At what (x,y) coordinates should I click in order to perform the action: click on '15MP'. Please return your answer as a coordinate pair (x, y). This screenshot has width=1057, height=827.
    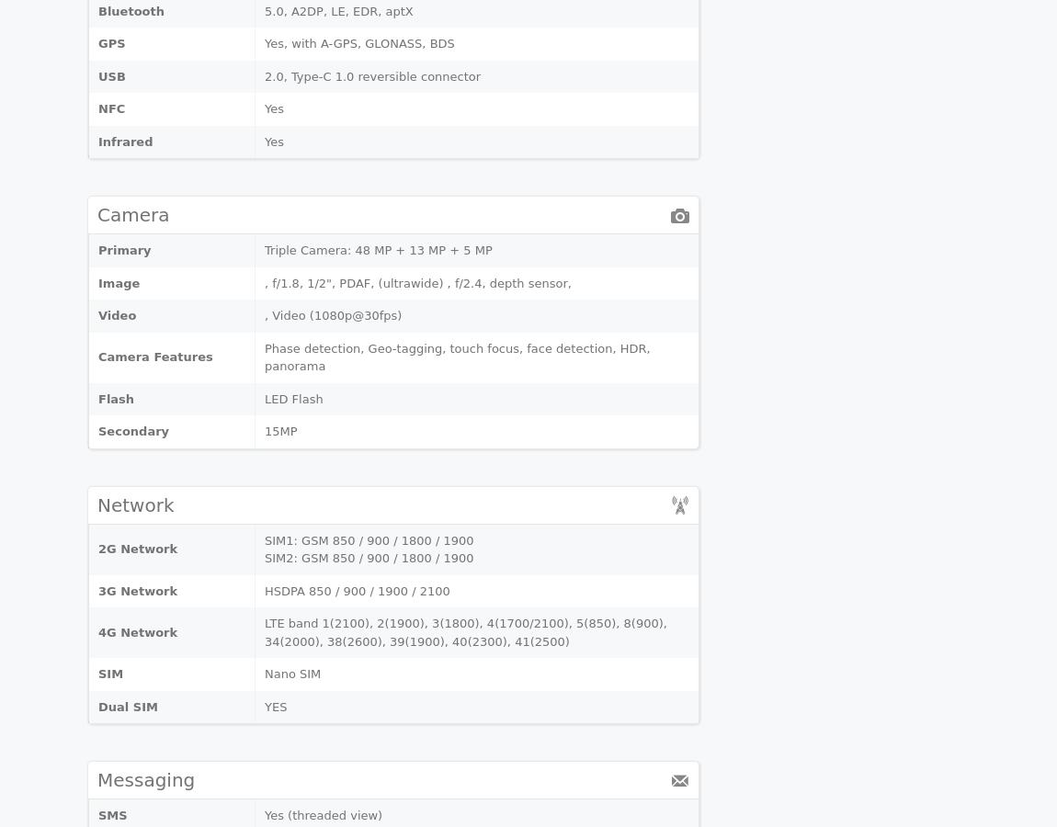
    Looking at the image, I should click on (280, 430).